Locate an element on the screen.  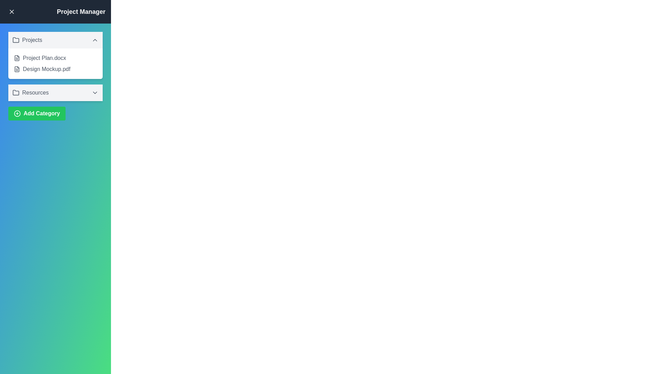
the text label displaying the file name 'Project Plan.docx' is located at coordinates (44, 58).